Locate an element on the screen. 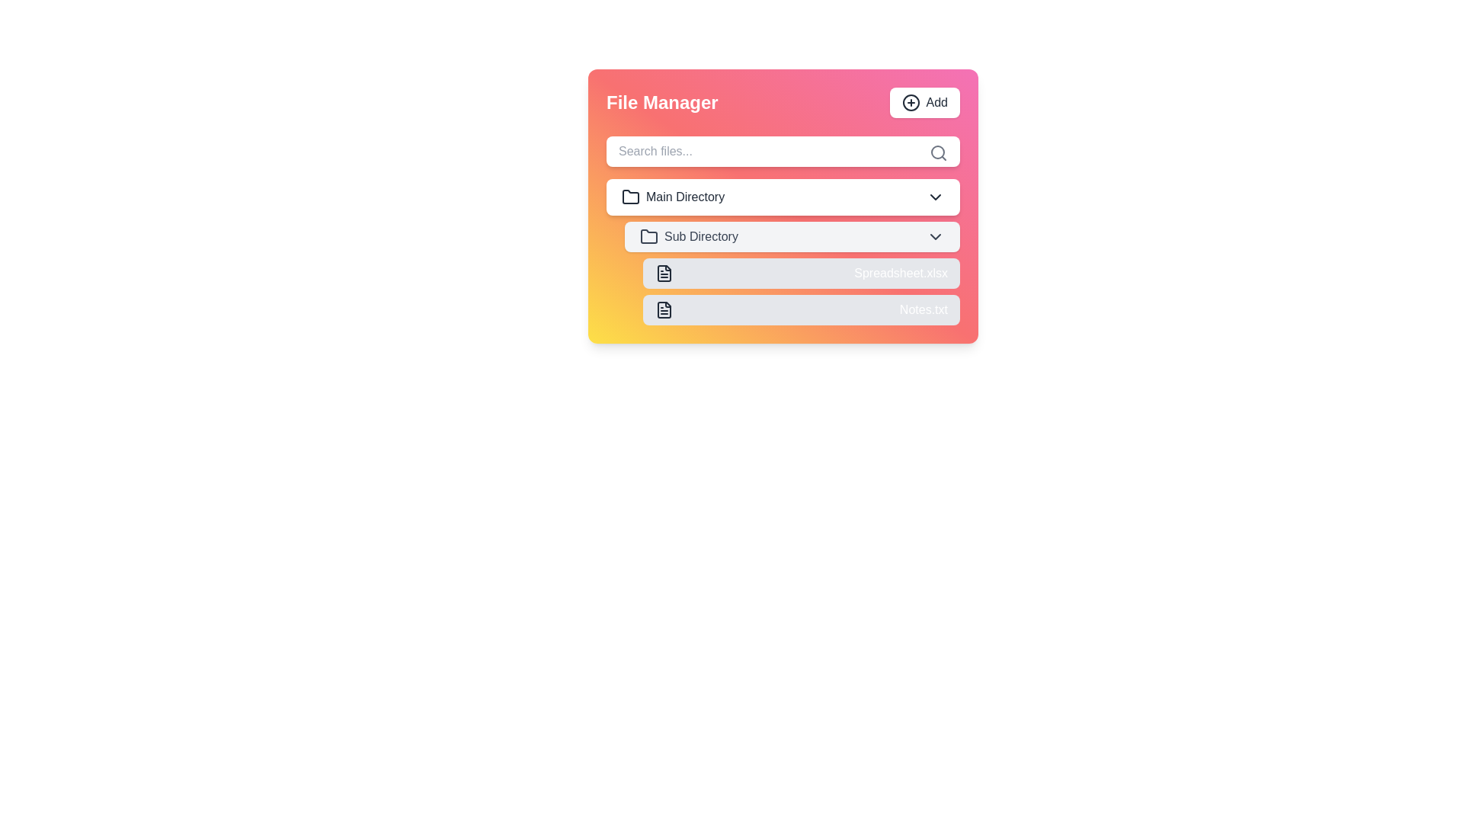  the circular graphical representation in the top-right corner of the 'File Manager' interface, which is part of an icon indicating addition functionality is located at coordinates (911, 103).